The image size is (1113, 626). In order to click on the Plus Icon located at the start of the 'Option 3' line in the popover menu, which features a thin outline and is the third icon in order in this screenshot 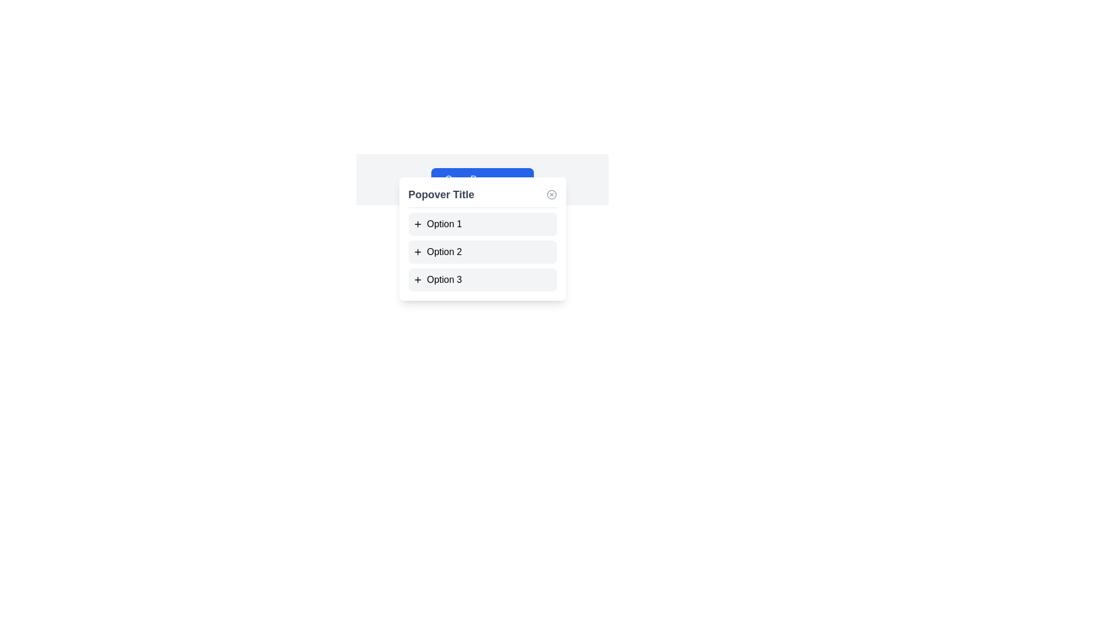, I will do `click(417, 279)`.